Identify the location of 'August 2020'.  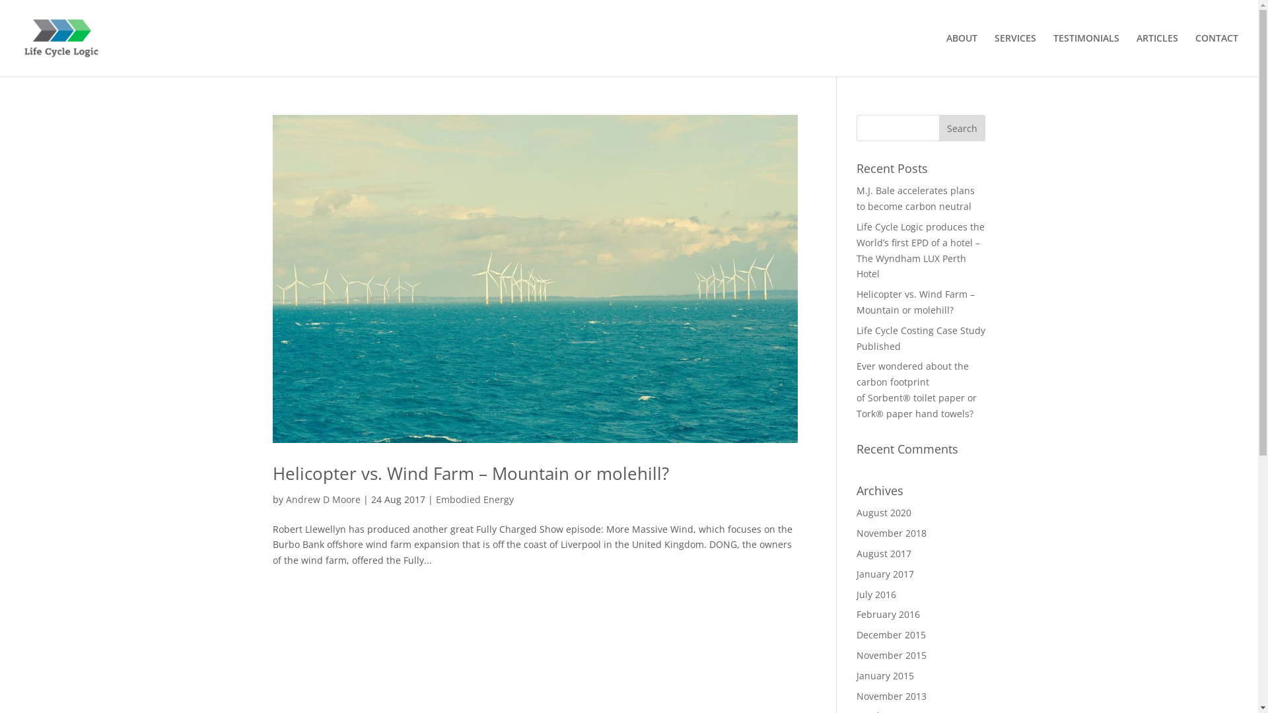
(884, 512).